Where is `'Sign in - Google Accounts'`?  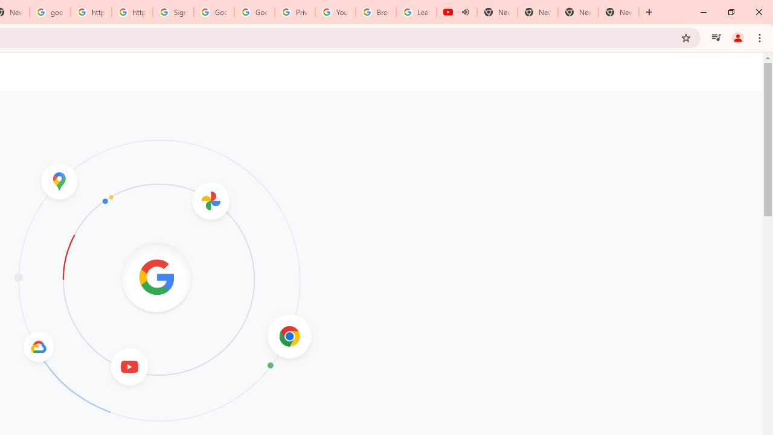 'Sign in - Google Accounts' is located at coordinates (173, 12).